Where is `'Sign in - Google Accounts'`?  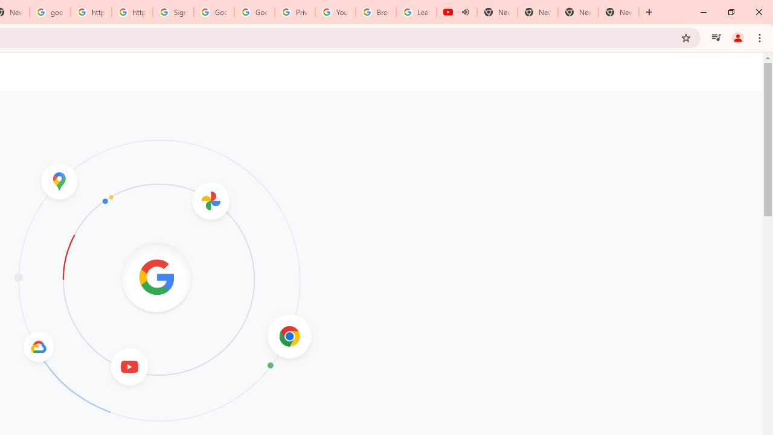 'Sign in - Google Accounts' is located at coordinates (173, 12).